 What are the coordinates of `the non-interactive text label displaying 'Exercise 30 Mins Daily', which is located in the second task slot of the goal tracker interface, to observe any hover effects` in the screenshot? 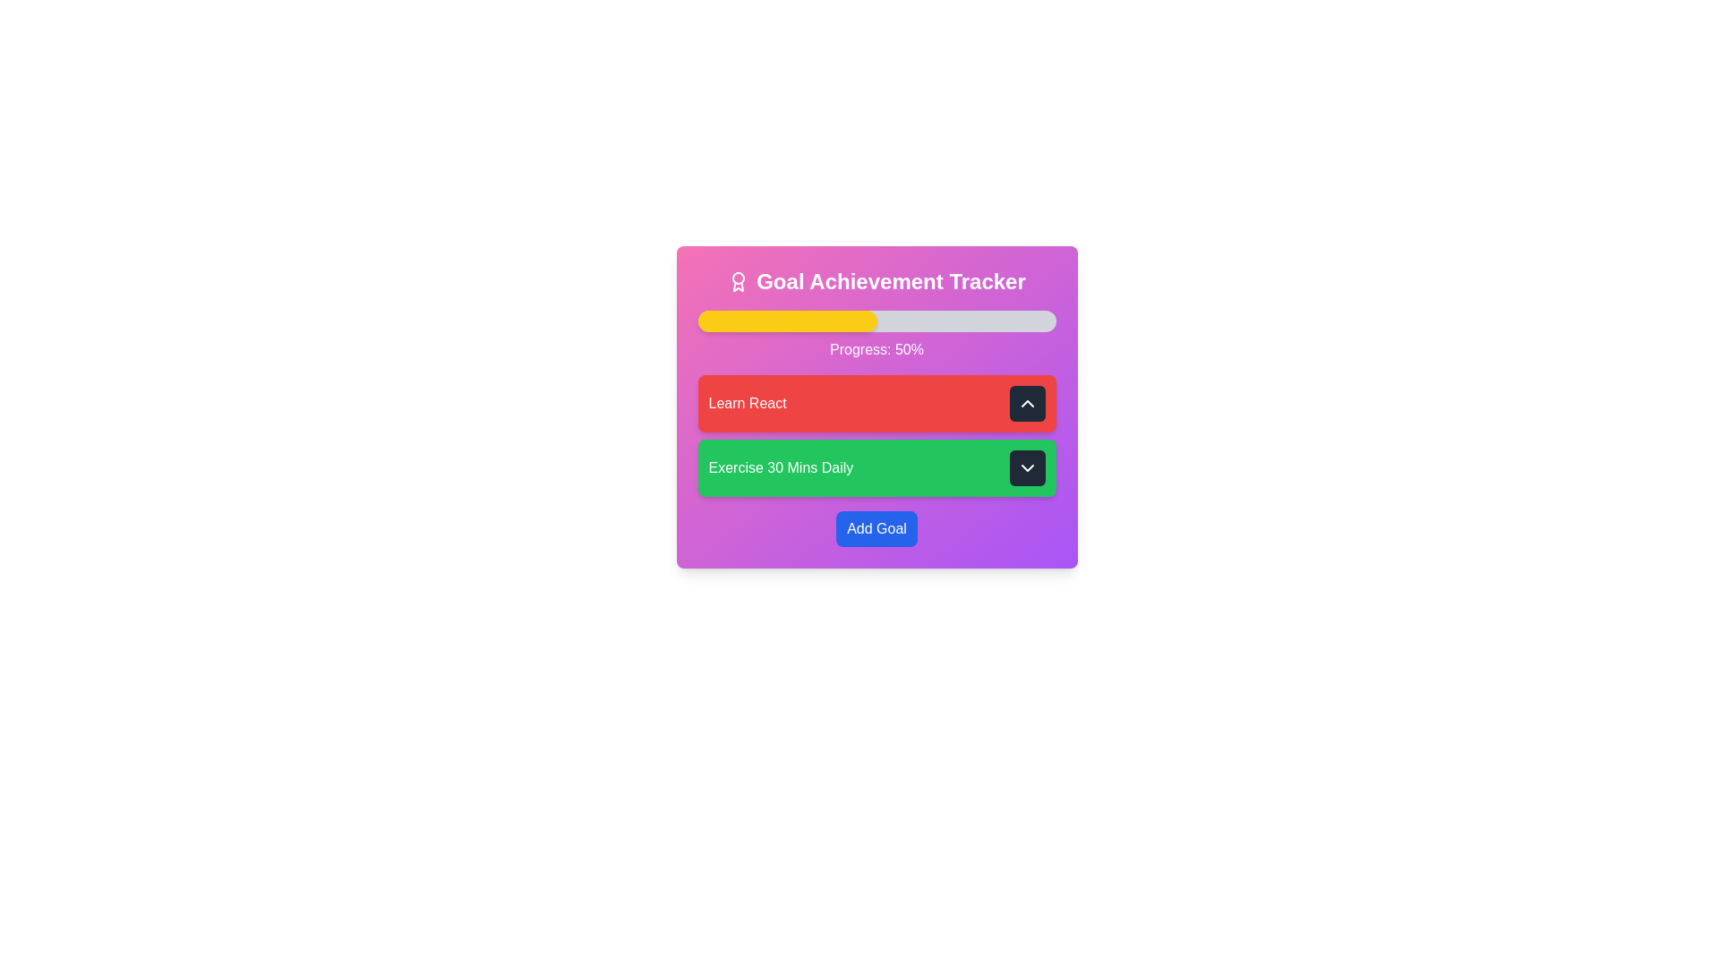 It's located at (781, 467).